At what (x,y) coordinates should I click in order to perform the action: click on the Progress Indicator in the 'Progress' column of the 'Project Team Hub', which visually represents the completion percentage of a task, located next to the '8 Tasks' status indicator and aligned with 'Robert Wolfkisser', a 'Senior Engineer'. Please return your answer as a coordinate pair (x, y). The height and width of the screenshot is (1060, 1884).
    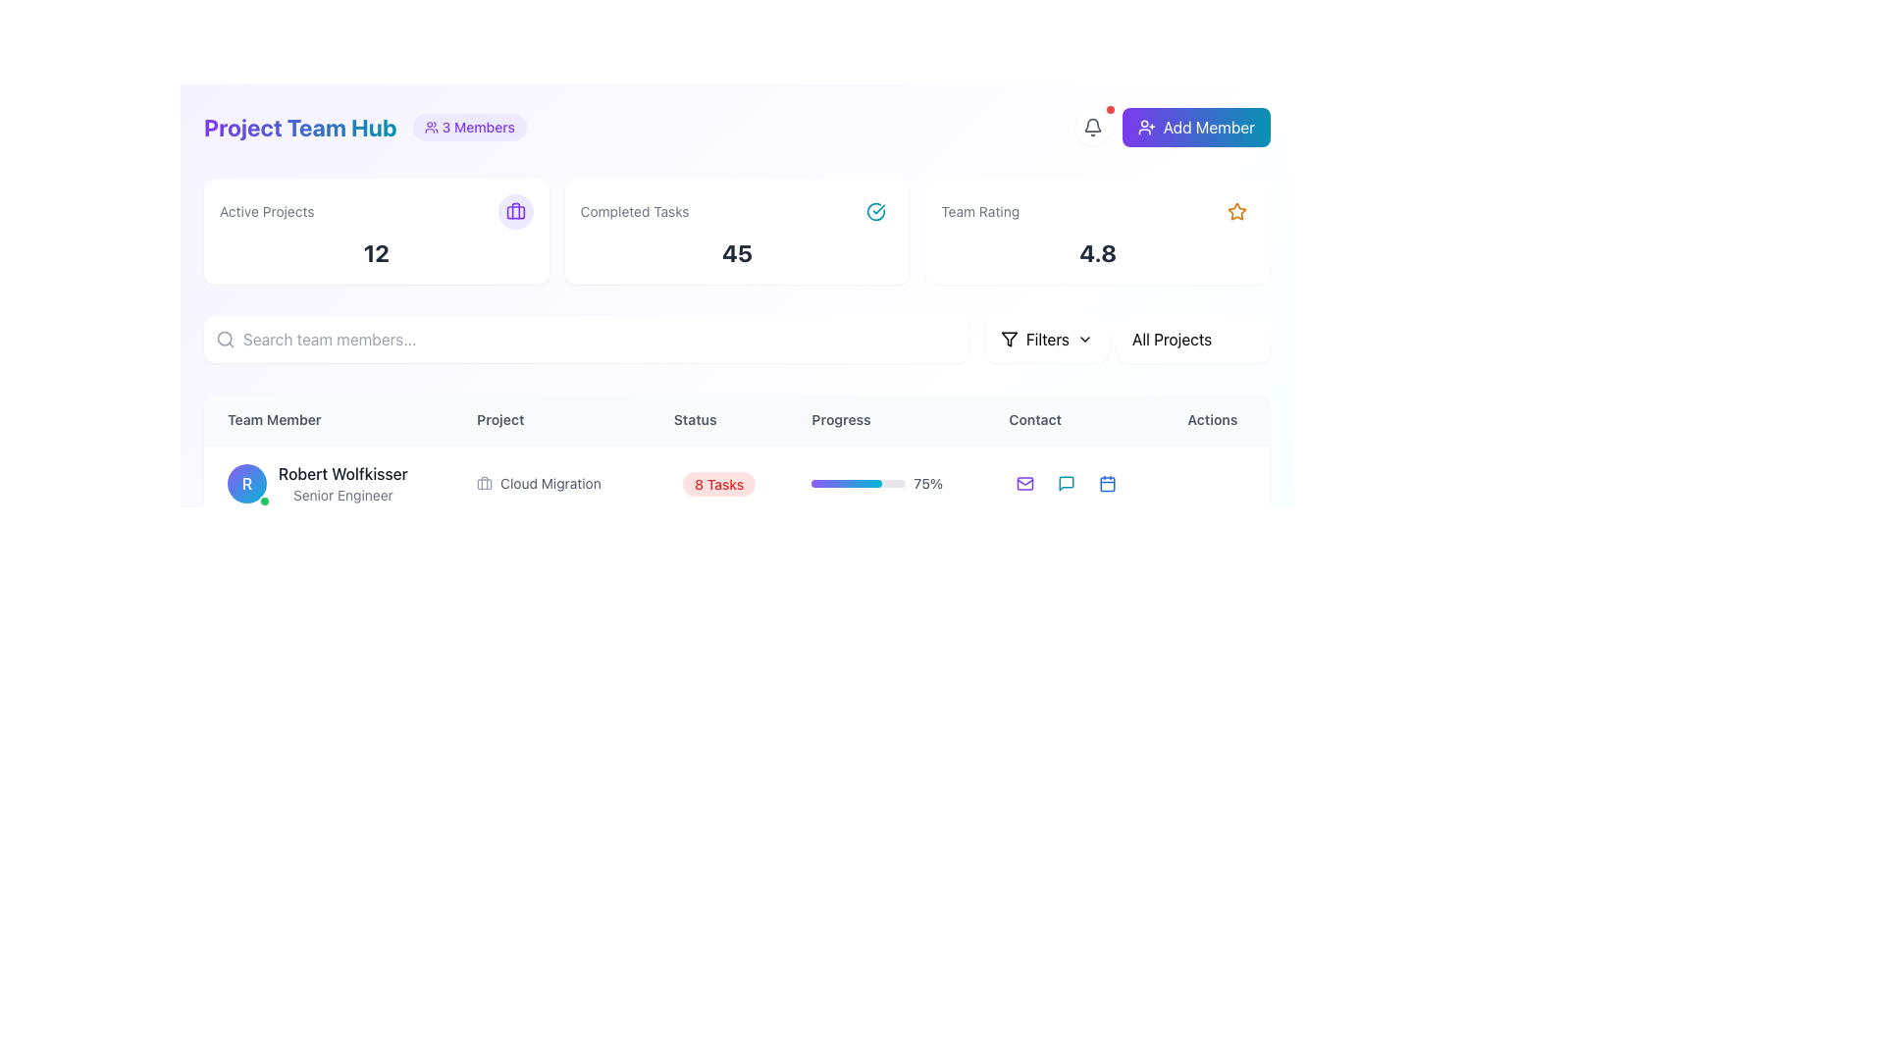
    Looking at the image, I should click on (885, 483).